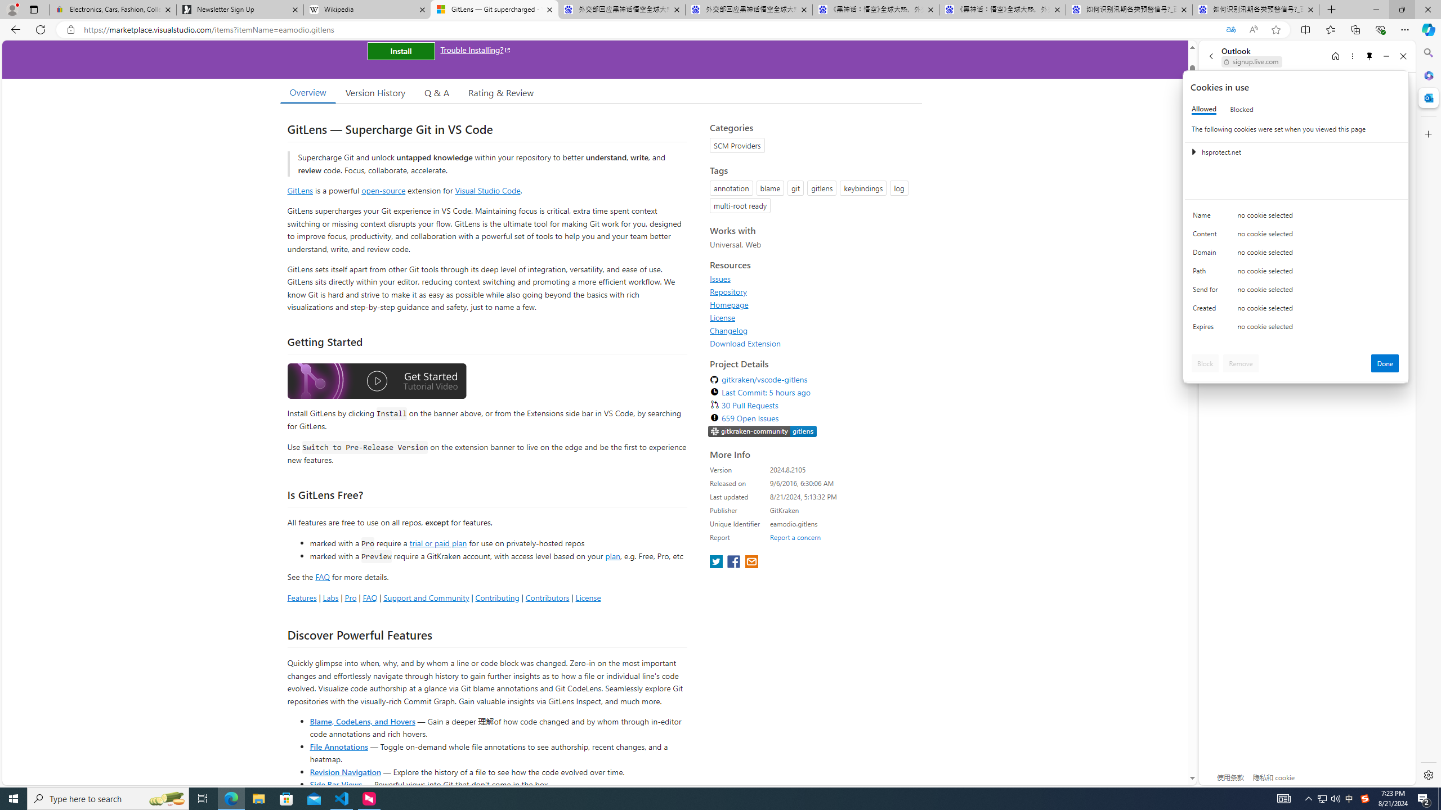 This screenshot has width=1441, height=810. I want to click on 'Created', so click(1207, 310).